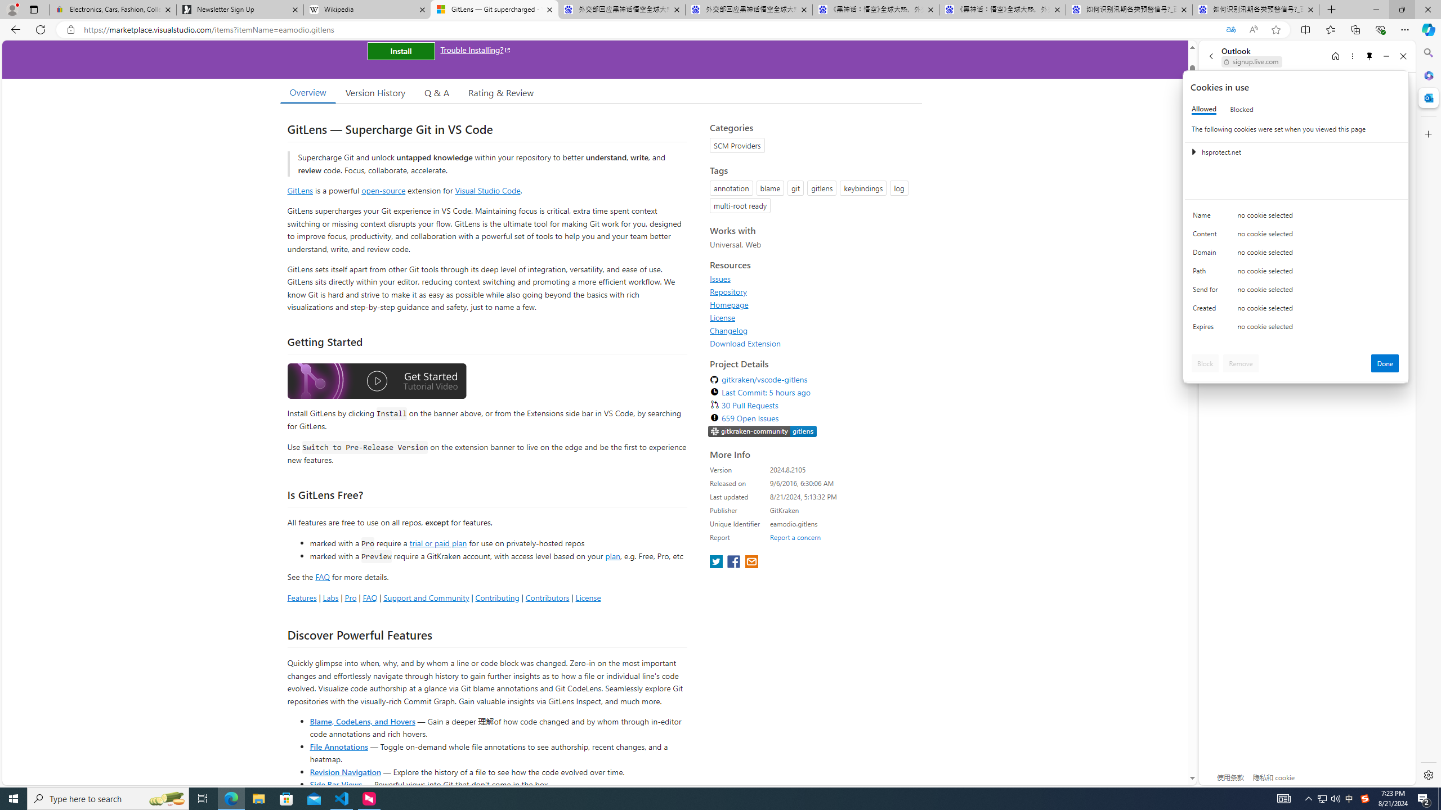 This screenshot has width=1441, height=810. I want to click on 'Created', so click(1207, 310).